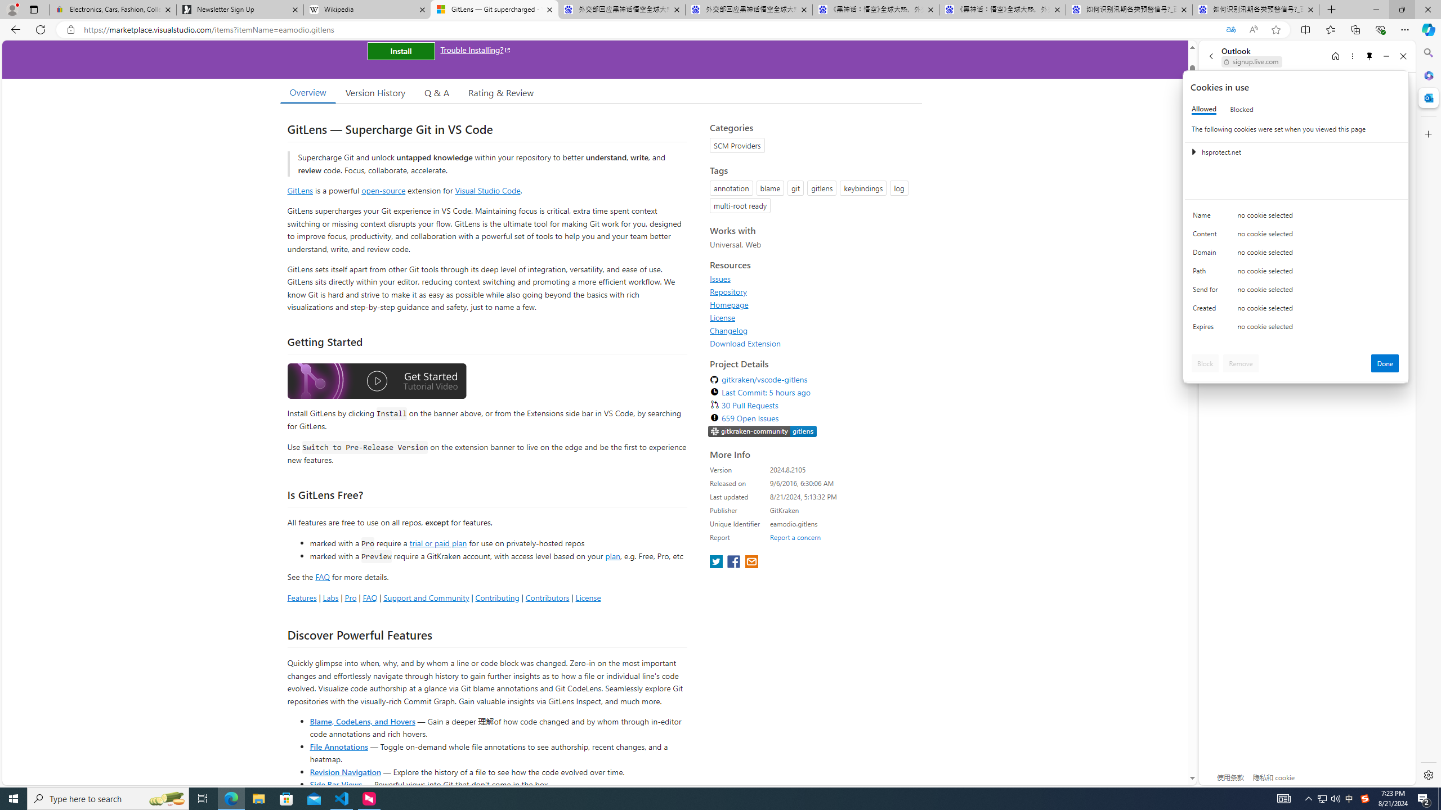 This screenshot has width=1441, height=810. I want to click on 'Created', so click(1207, 310).